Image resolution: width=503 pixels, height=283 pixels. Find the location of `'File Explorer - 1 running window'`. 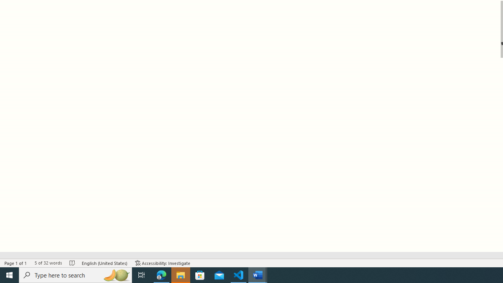

'File Explorer - 1 running window' is located at coordinates (180, 274).